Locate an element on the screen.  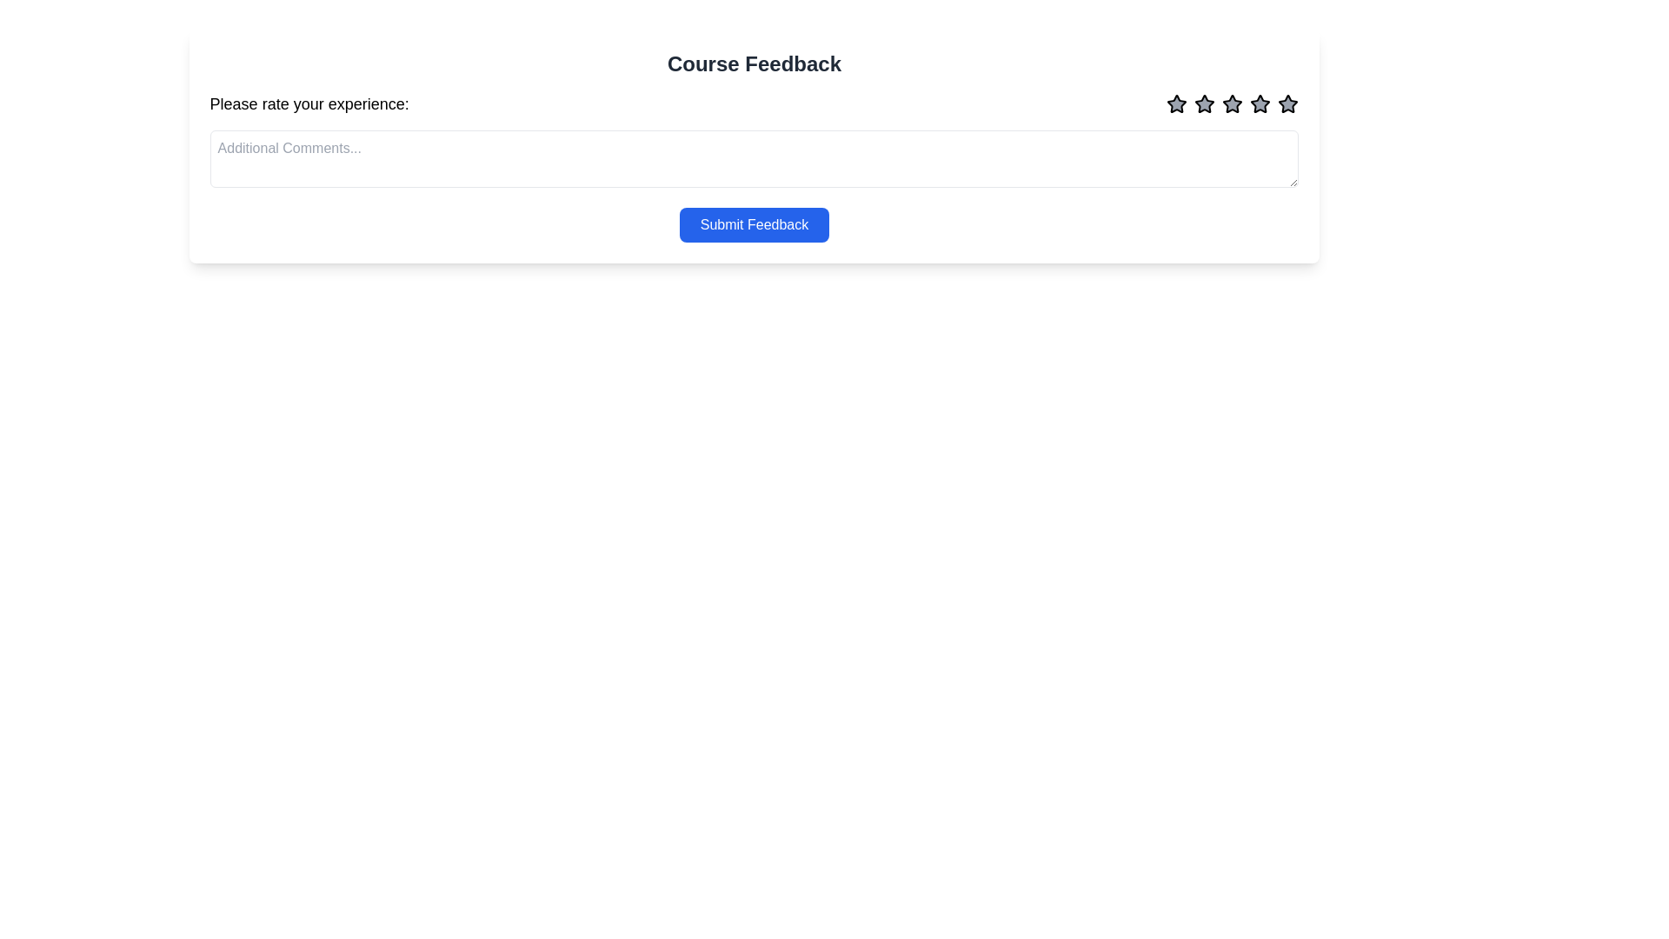
the first star icon in the rating system is located at coordinates (1177, 103).